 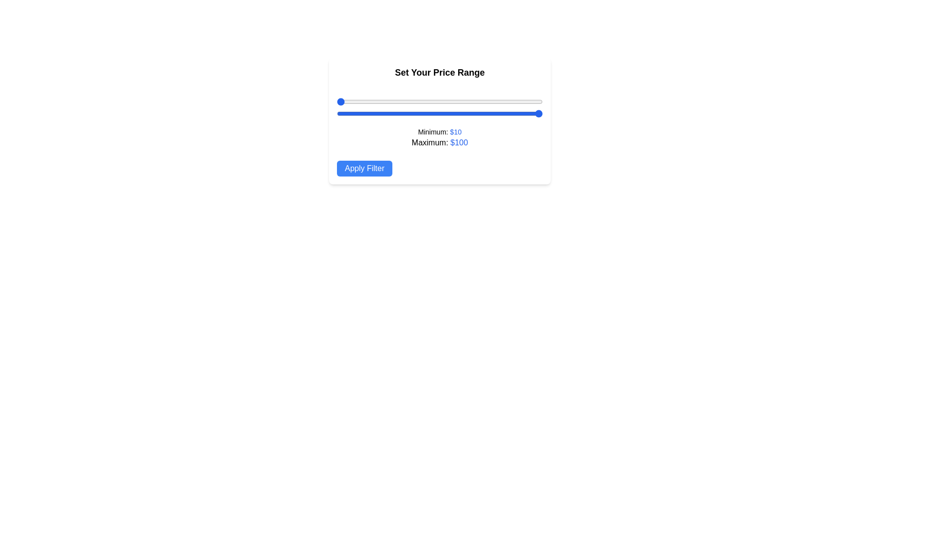 I want to click on the slider, so click(x=492, y=113).